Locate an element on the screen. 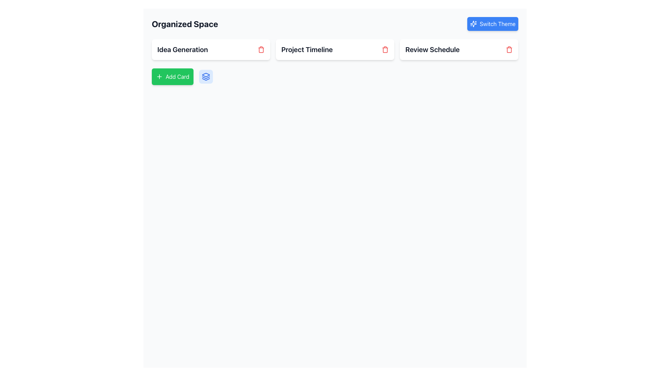 Image resolution: width=667 pixels, height=375 pixels. the Static Text Label that reads 'Project Timeline', which is styled in bold, large font and located near the top center of the interface, between 'Idea Generation' and 'Review Schedule' is located at coordinates (306, 49).